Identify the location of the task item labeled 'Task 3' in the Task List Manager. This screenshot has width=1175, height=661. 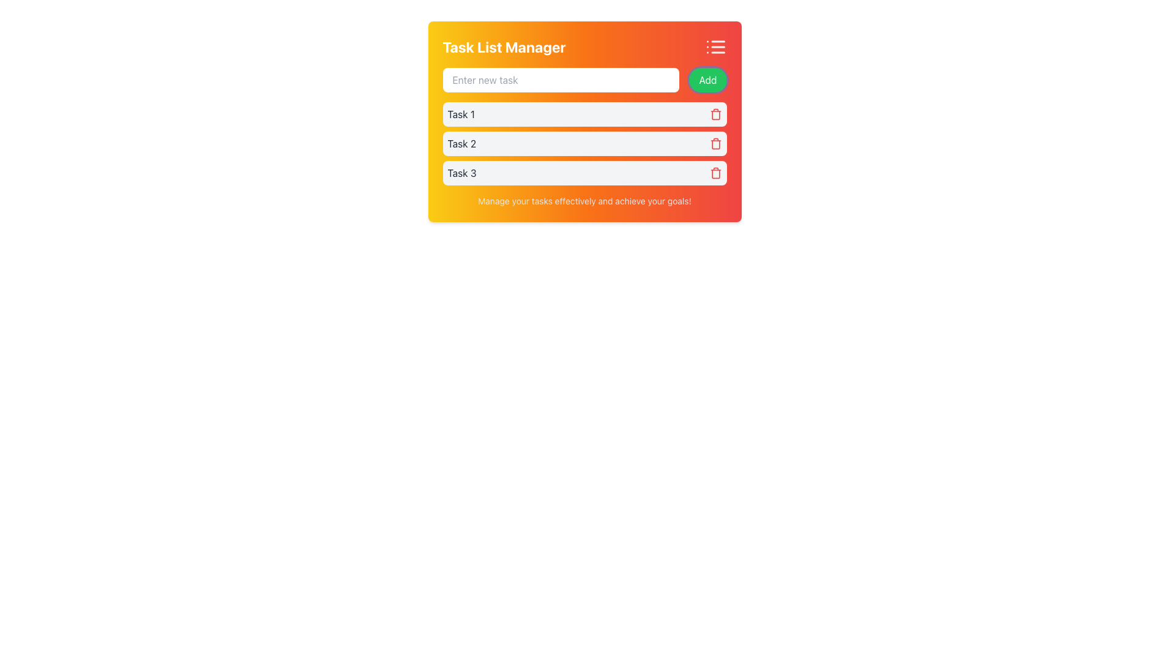
(584, 173).